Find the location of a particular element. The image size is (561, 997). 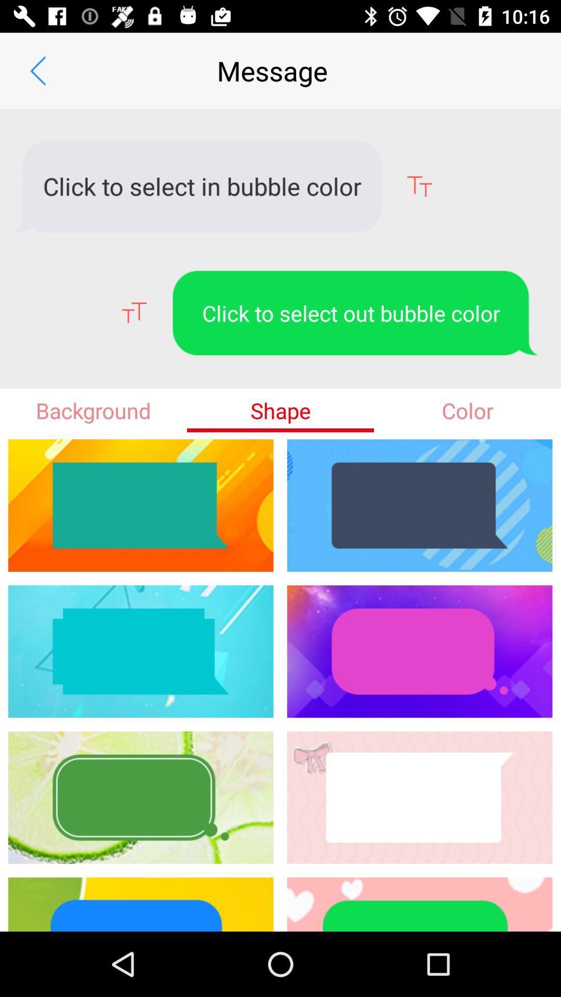

the background icon is located at coordinates (94, 410).